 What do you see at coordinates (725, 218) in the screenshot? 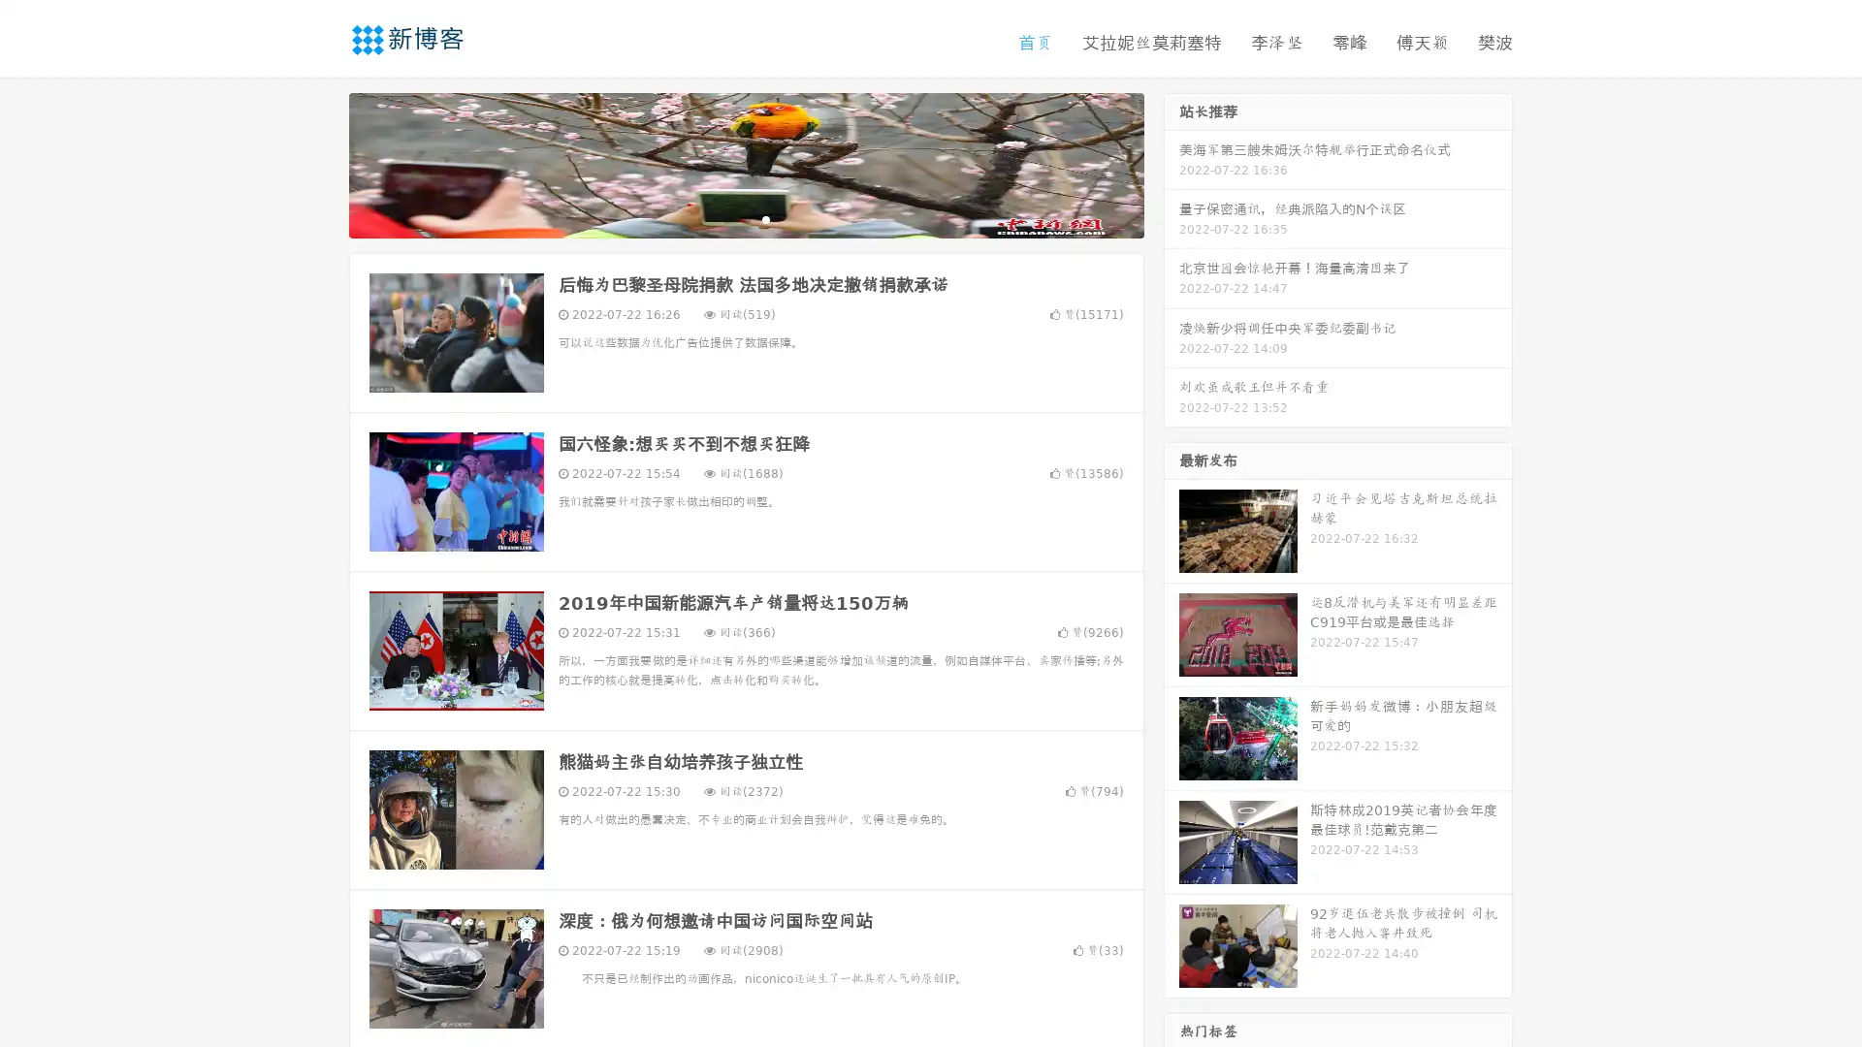
I see `Go to slide 1` at bounding box center [725, 218].